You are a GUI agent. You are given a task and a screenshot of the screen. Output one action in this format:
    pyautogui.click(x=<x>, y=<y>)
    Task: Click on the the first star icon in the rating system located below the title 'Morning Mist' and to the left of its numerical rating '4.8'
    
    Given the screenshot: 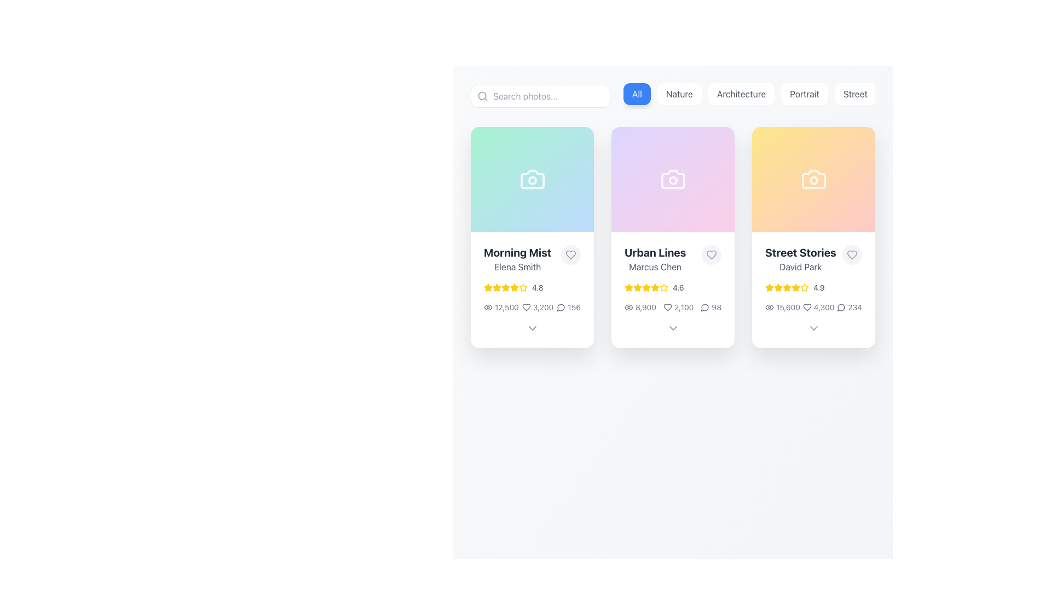 What is the action you would take?
    pyautogui.click(x=488, y=287)
    